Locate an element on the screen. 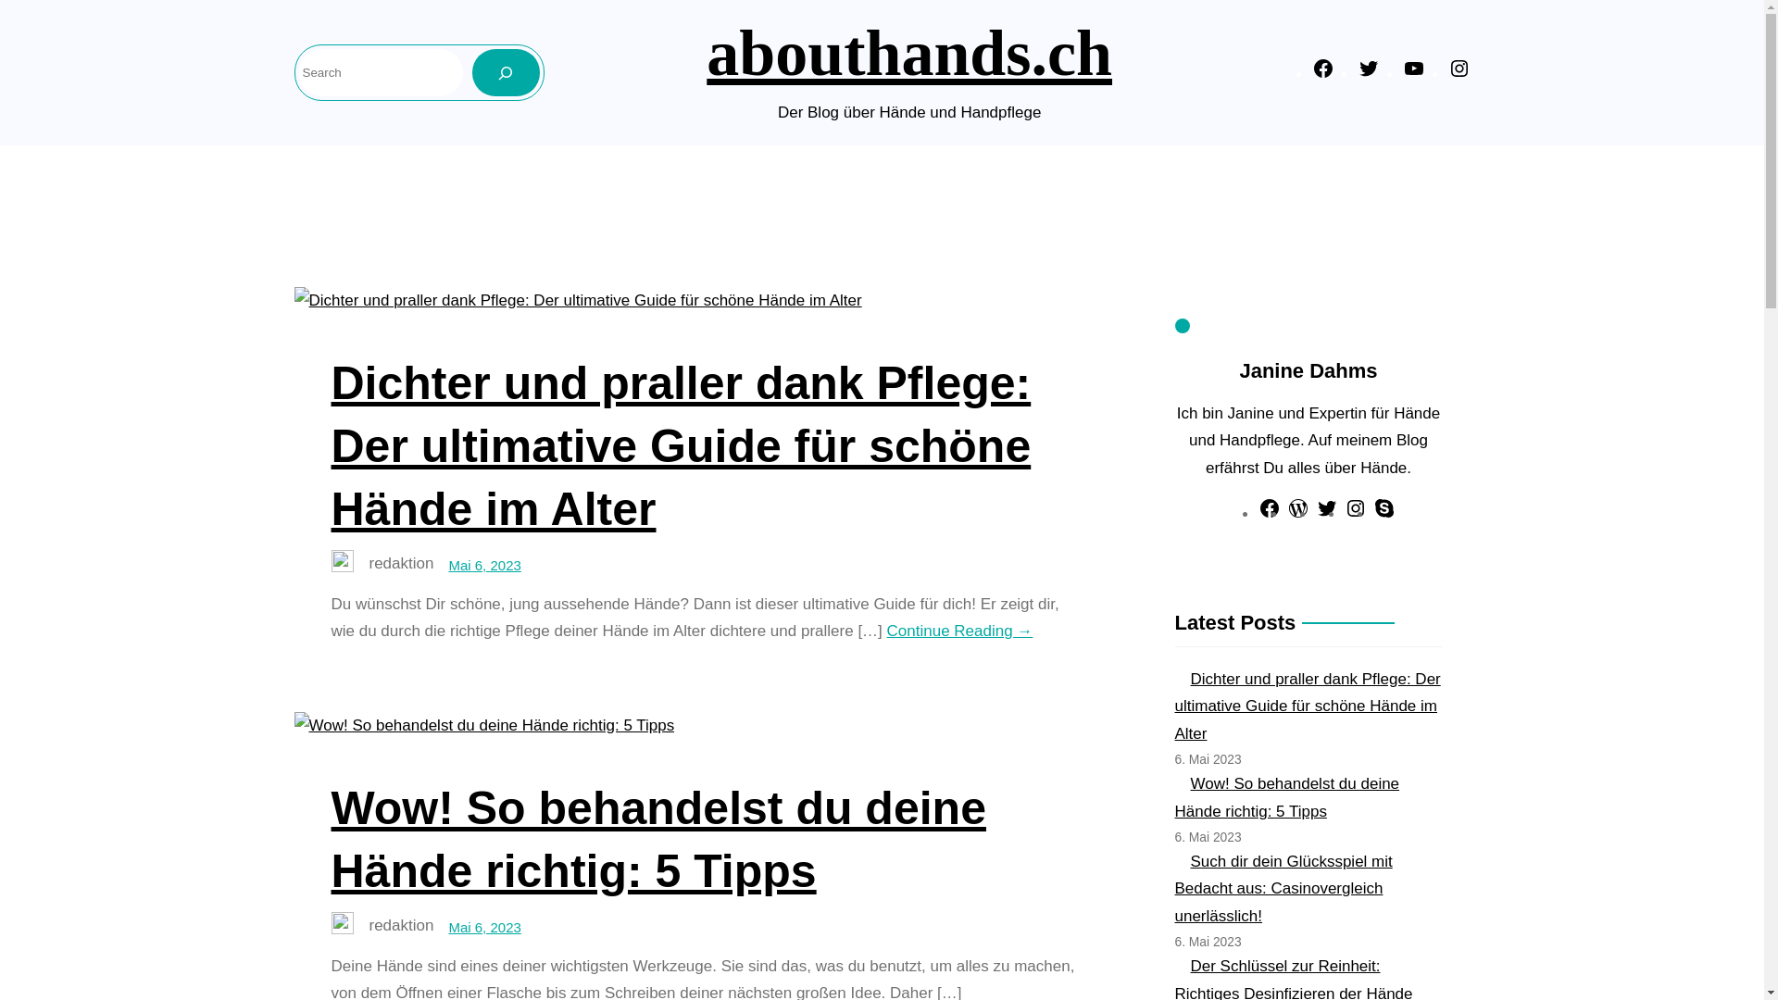 The width and height of the screenshot is (1778, 1000). 'Twitter' is located at coordinates (1369, 73).